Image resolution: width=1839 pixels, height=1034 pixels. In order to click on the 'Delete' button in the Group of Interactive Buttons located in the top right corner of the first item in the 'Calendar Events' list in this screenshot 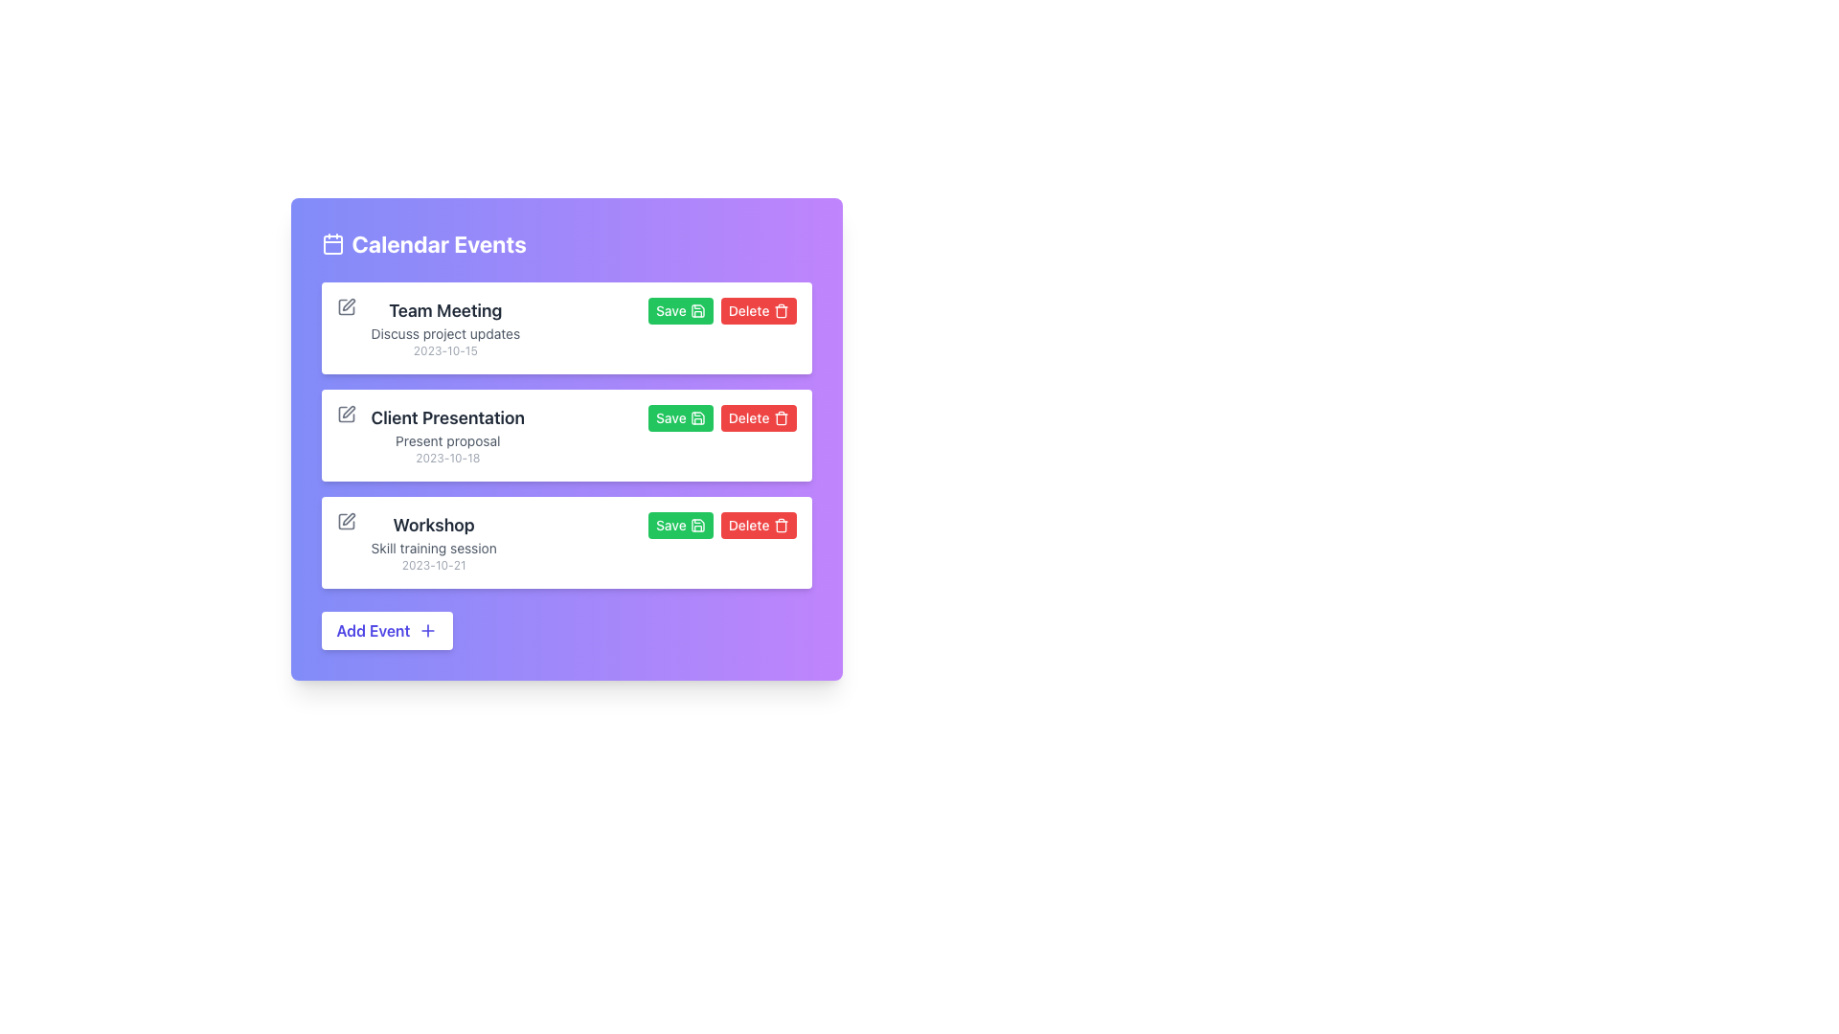, I will do `click(721, 309)`.